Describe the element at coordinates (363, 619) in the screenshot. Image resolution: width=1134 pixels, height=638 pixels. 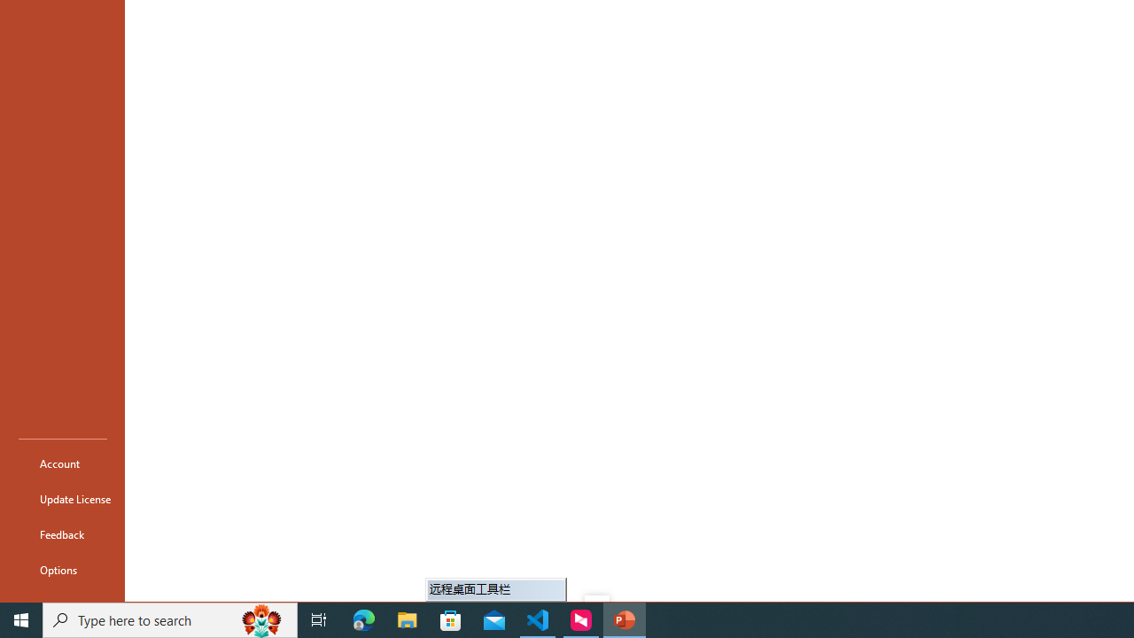
I see `'Microsoft Edge'` at that location.